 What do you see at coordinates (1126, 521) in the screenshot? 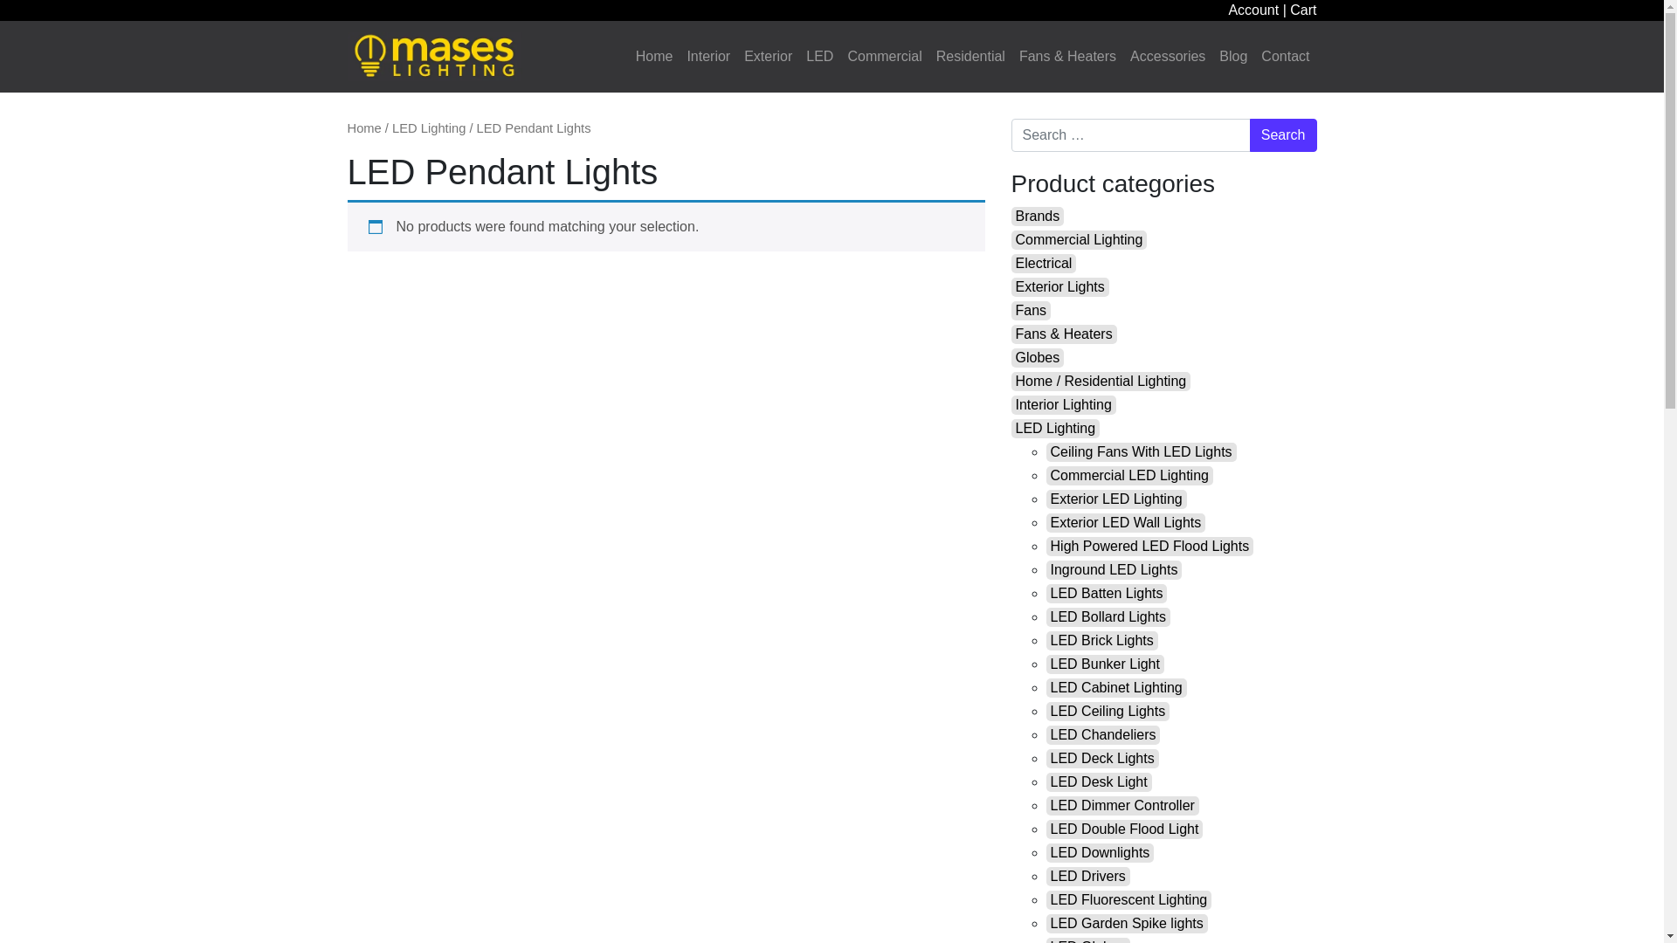
I see `'Exterior LED Wall Lights'` at bounding box center [1126, 521].